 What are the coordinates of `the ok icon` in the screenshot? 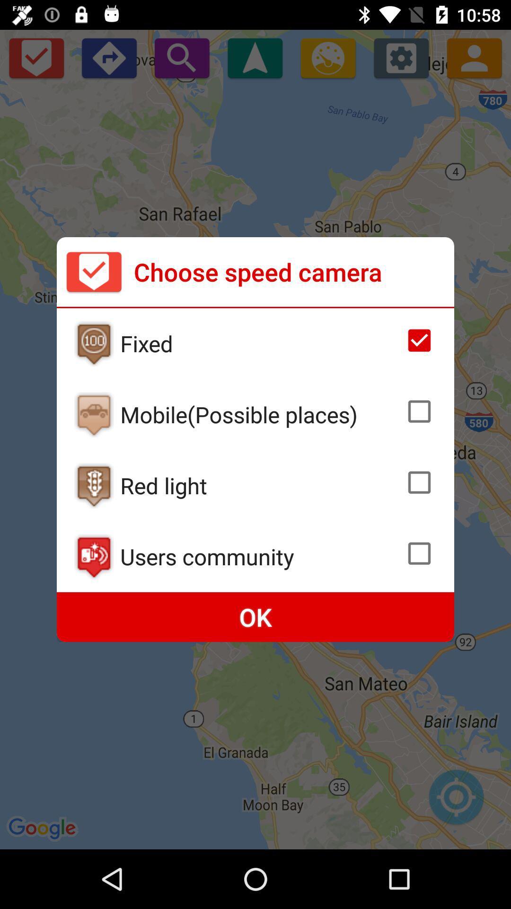 It's located at (255, 617).